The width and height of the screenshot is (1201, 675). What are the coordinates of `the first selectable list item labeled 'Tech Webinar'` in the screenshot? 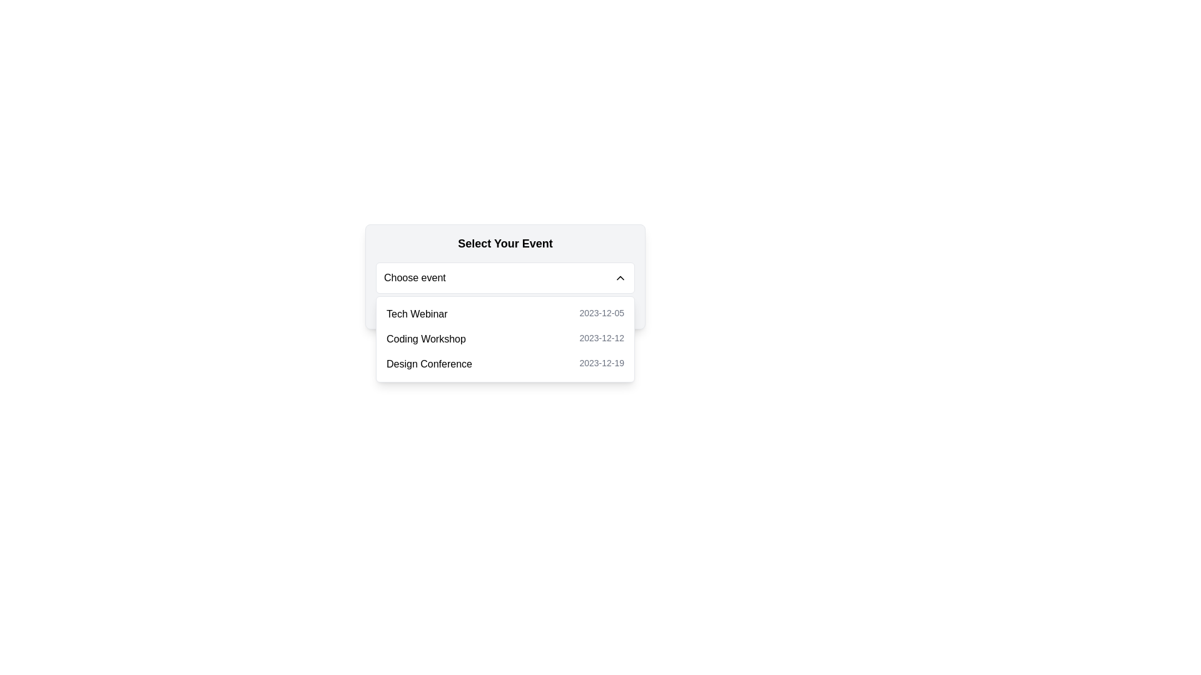 It's located at (505, 313).